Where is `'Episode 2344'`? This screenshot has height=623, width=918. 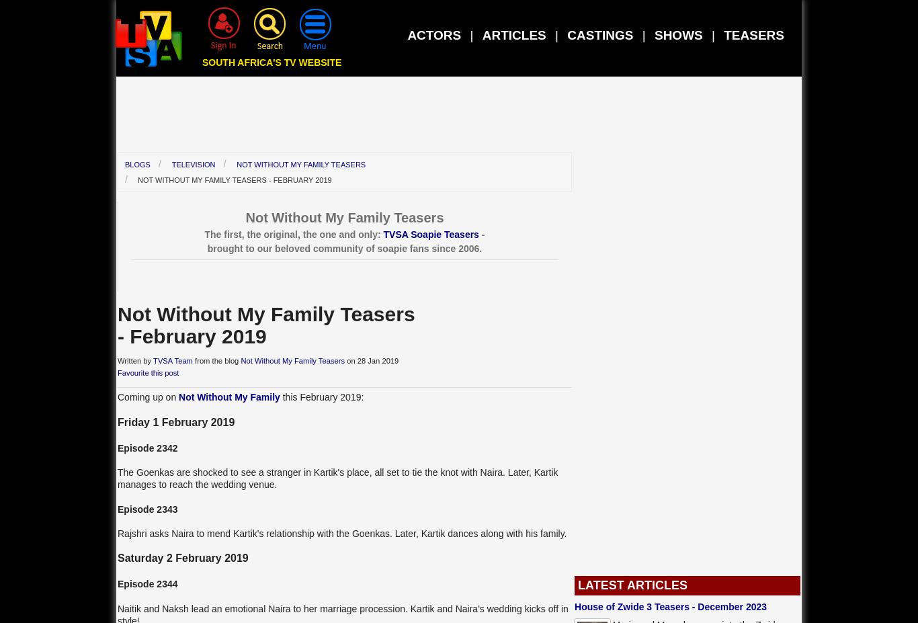
'Episode 2344' is located at coordinates (116, 583).